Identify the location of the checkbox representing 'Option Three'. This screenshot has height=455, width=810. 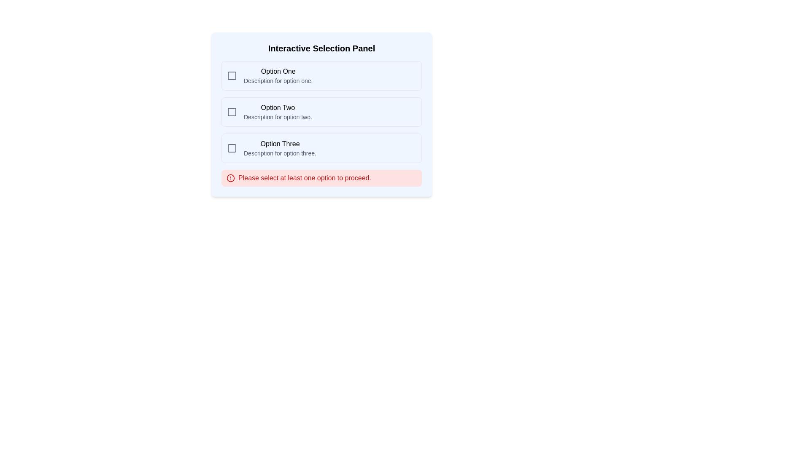
(232, 147).